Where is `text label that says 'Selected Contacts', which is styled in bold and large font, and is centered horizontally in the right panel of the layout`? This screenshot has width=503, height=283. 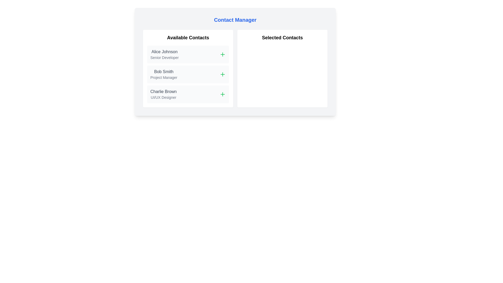 text label that says 'Selected Contacts', which is styled in bold and large font, and is centered horizontally in the right panel of the layout is located at coordinates (282, 37).